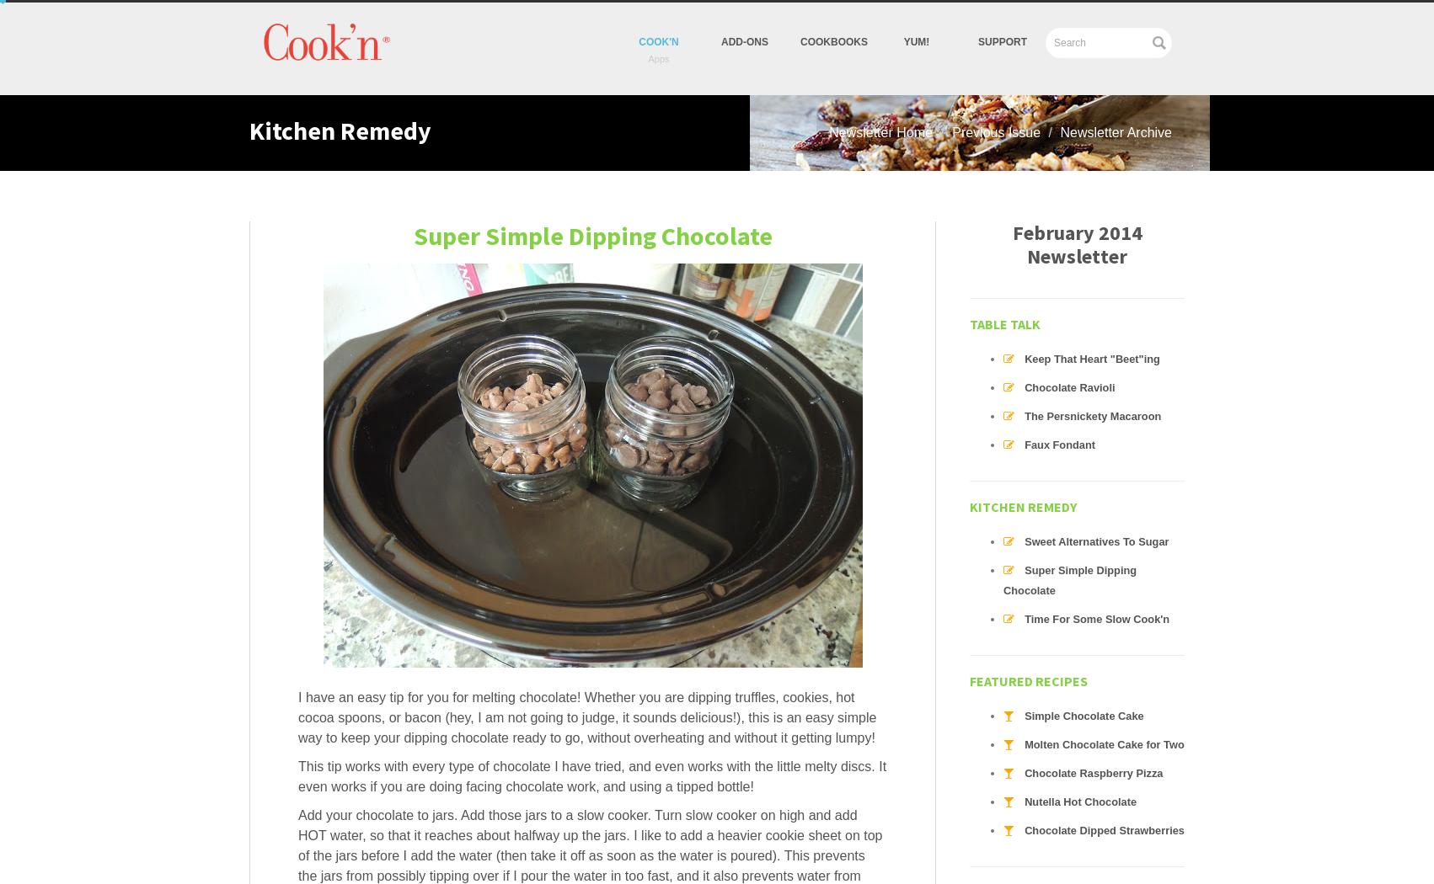 The width and height of the screenshot is (1434, 884). Describe the element at coordinates (1069, 387) in the screenshot. I see `'Chocolate Ravioli'` at that location.